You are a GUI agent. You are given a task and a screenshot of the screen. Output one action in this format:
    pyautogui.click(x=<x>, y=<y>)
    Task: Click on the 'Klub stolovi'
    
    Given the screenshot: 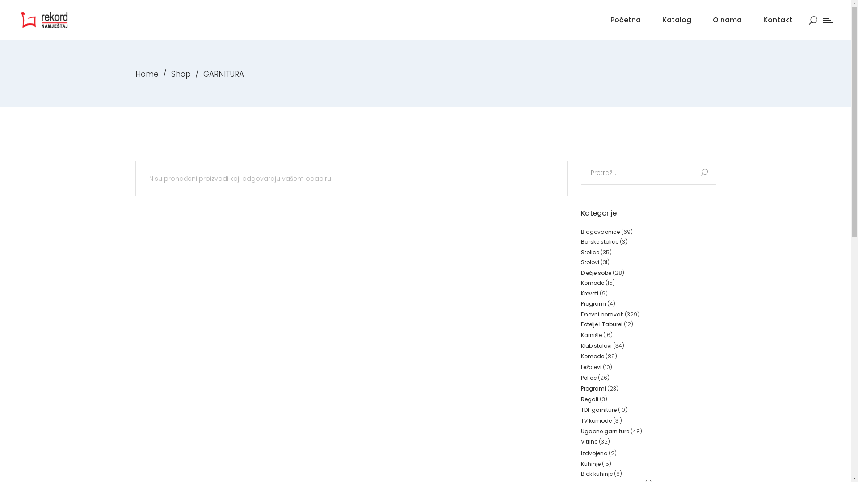 What is the action you would take?
    pyautogui.click(x=581, y=345)
    